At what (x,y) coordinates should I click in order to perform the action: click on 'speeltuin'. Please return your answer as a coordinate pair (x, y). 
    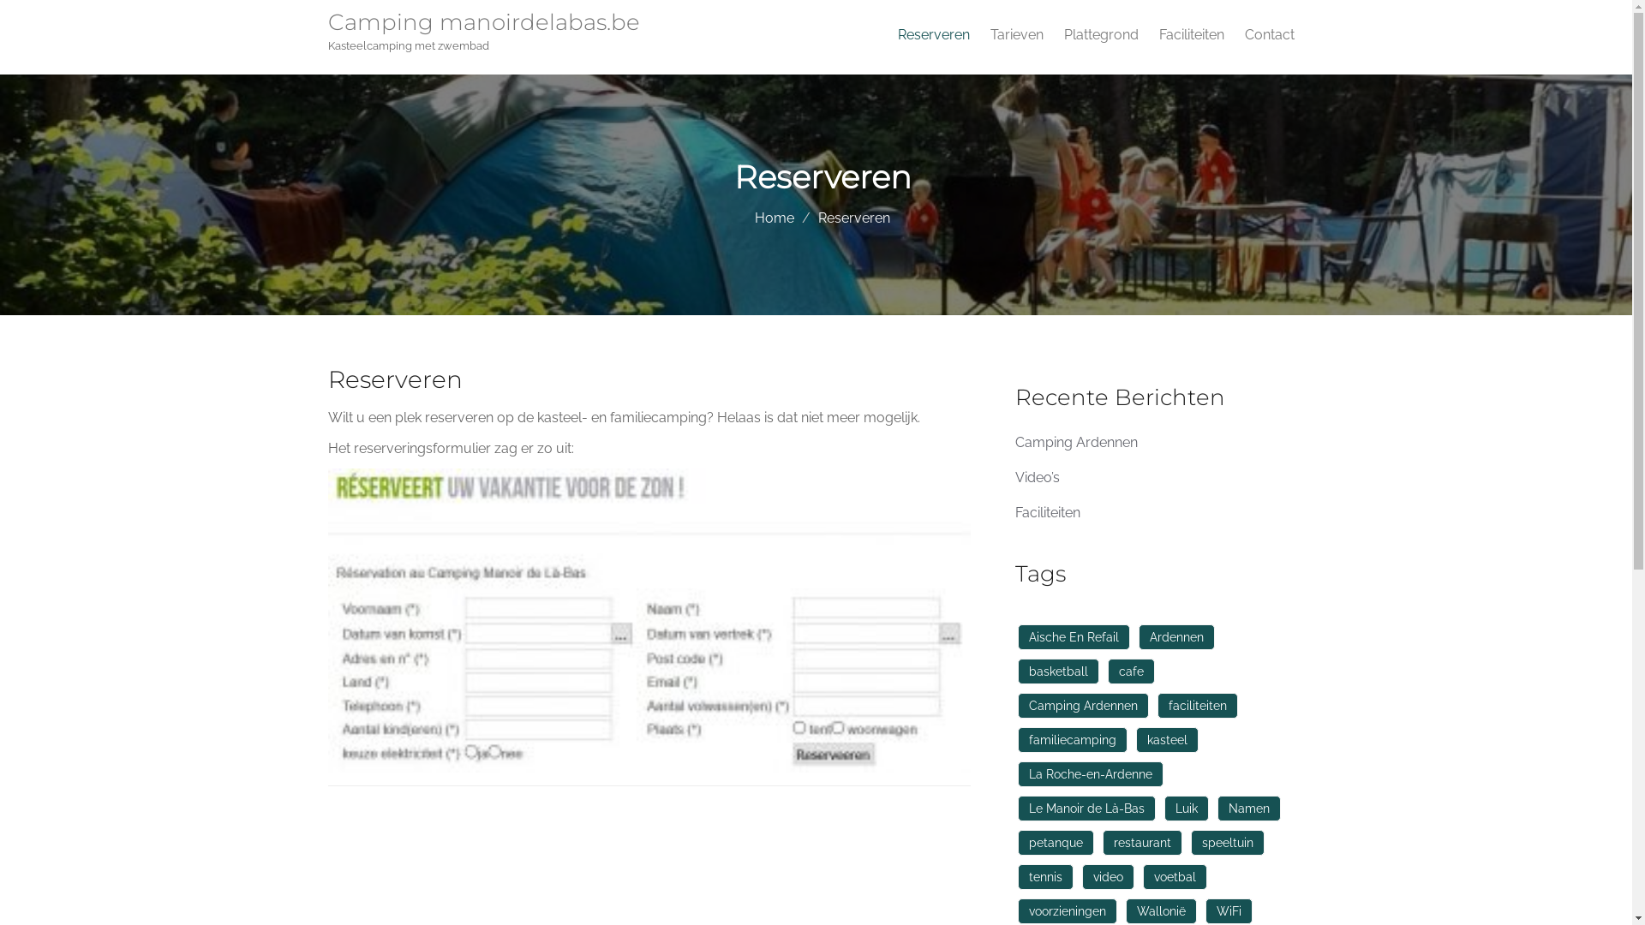
    Looking at the image, I should click on (1227, 841).